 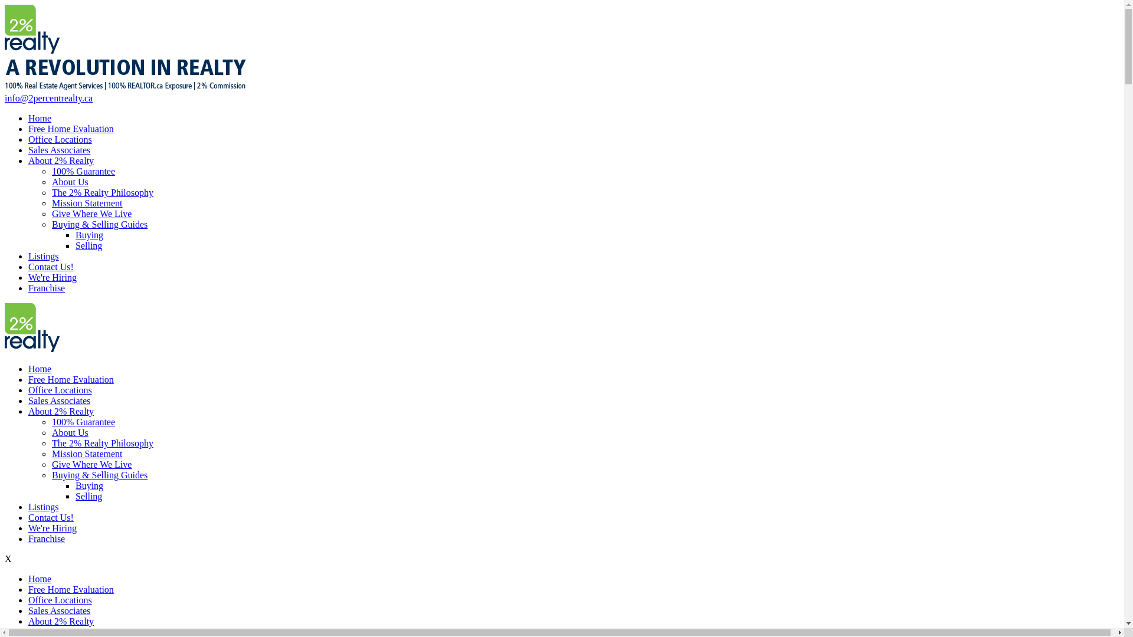 I want to click on 'Buying & Selling Guides', so click(x=51, y=474).